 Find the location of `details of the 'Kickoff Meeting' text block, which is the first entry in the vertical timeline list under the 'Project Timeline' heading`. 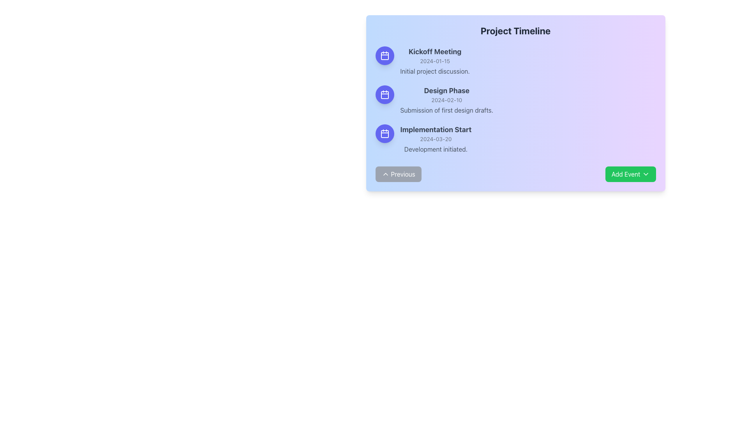

details of the 'Kickoff Meeting' text block, which is the first entry in the vertical timeline list under the 'Project Timeline' heading is located at coordinates (434, 61).